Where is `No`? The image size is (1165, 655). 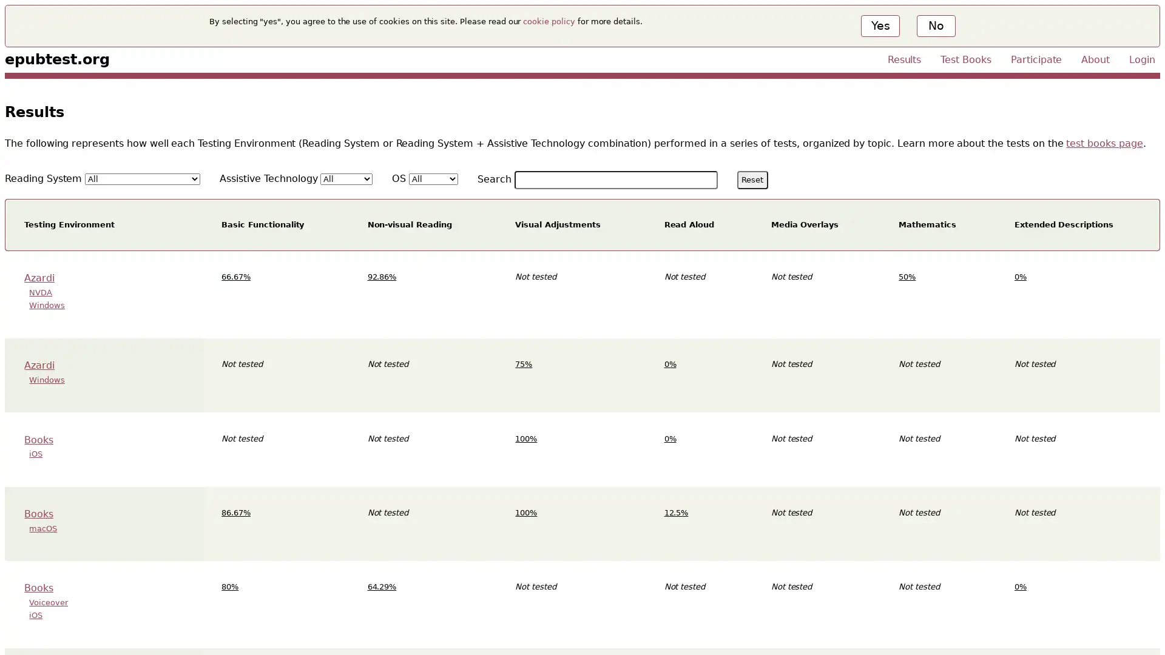
No is located at coordinates (934, 25).